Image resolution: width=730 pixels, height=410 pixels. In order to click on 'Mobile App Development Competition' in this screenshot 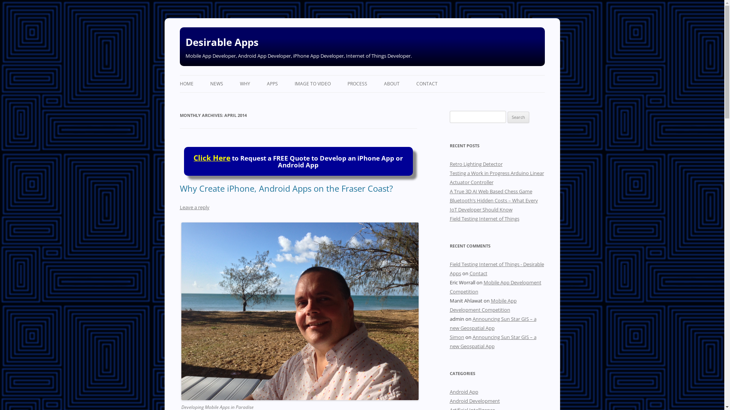, I will do `click(495, 287)`.